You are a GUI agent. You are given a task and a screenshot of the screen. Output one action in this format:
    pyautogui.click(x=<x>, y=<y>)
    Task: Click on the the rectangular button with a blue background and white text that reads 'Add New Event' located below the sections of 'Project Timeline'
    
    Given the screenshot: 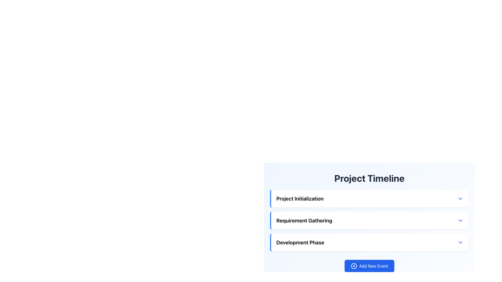 What is the action you would take?
    pyautogui.click(x=369, y=266)
    